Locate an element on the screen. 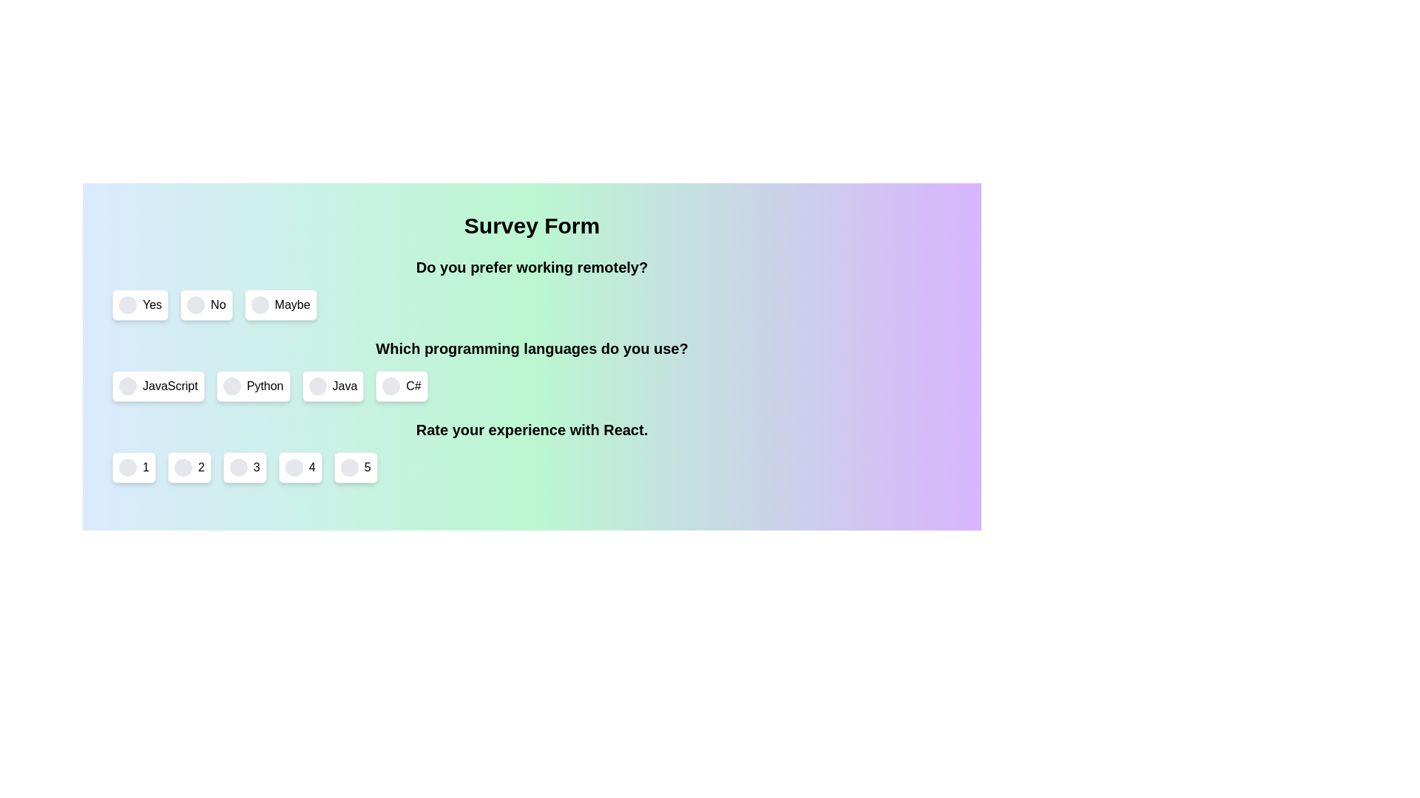  the radio button group labeled 'Yes,' 'No,' and 'Maybe' positioned below the question 'Do you prefer working remotely?' in the survey form is located at coordinates (532, 288).